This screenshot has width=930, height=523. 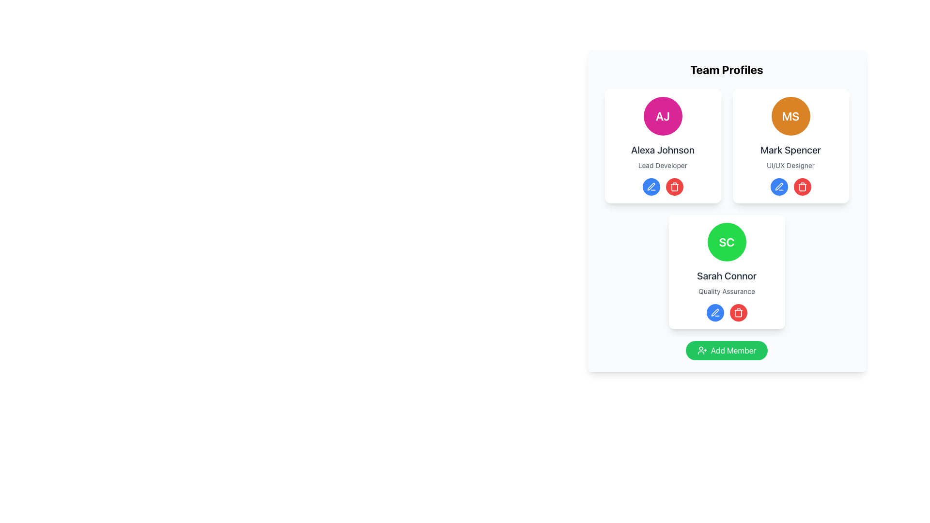 I want to click on the circular Avatar Badge with a magenta background and white 'AJ' text, located in the top-left profile card above the name 'Alexa Johnson', so click(x=662, y=115).